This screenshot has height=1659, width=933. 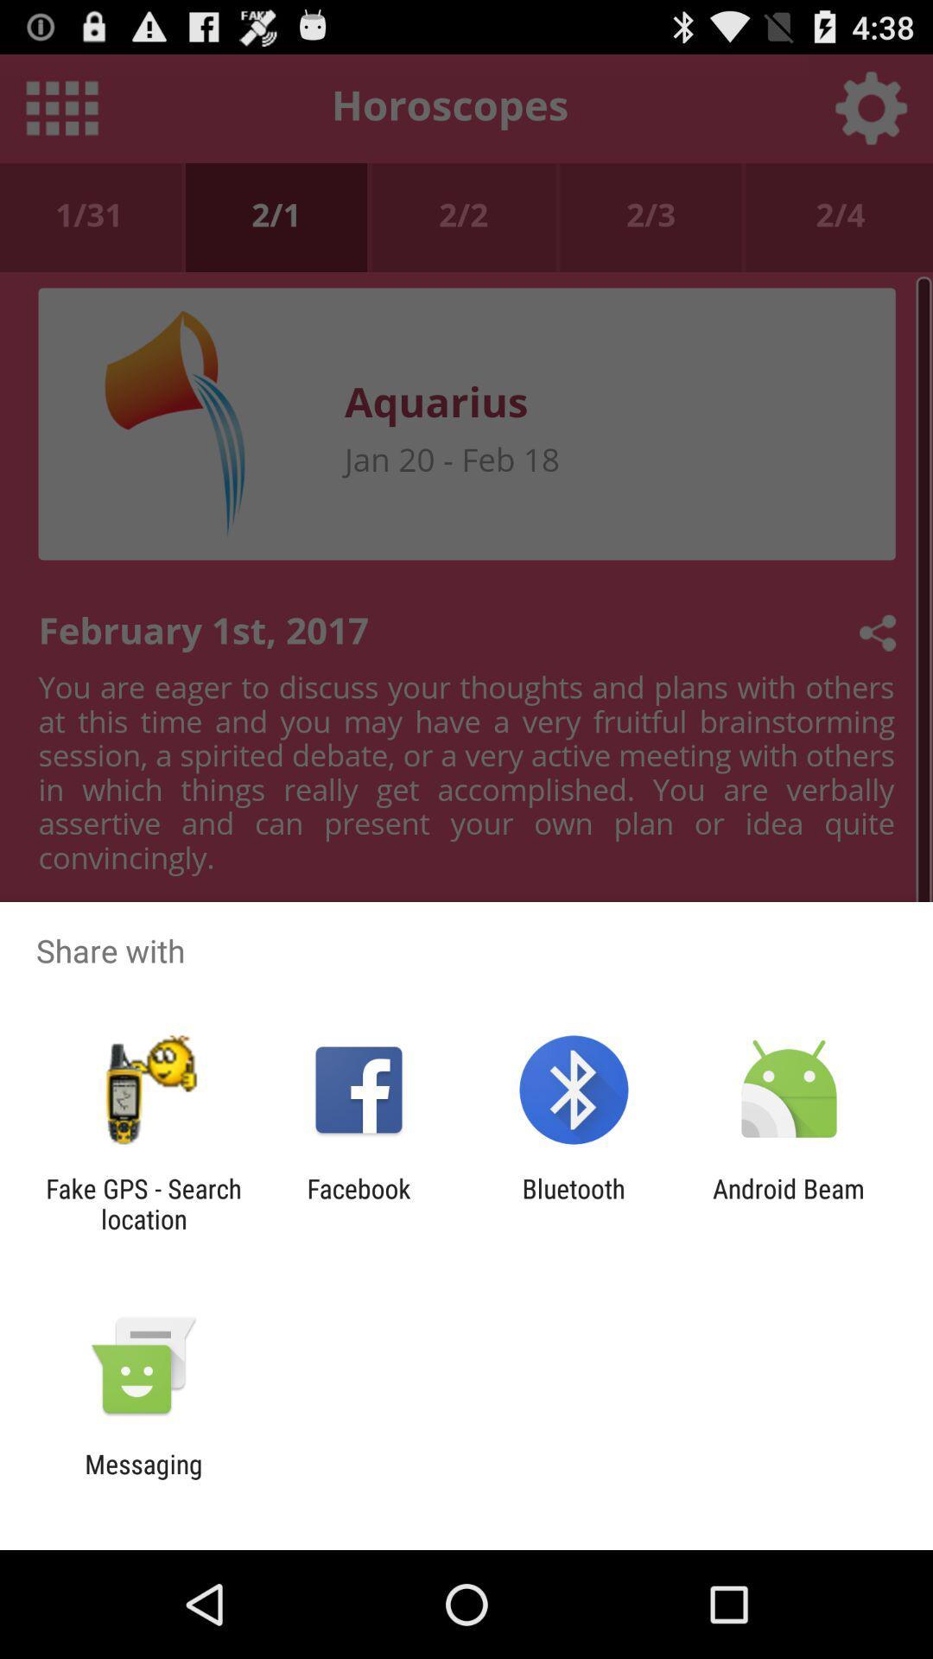 What do you see at coordinates (143, 1203) in the screenshot?
I see `fake gps search icon` at bounding box center [143, 1203].